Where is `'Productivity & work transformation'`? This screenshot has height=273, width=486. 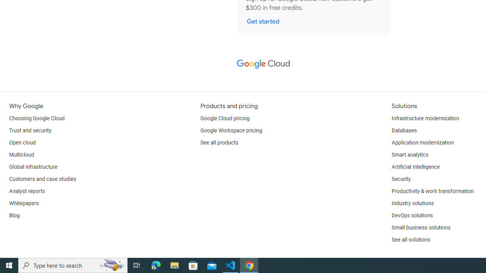 'Productivity & work transformation' is located at coordinates (432, 191).